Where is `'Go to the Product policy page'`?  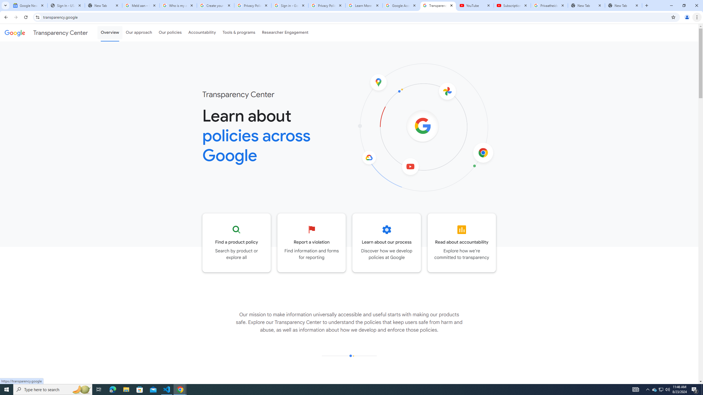
'Go to the Product policy page' is located at coordinates (236, 242).